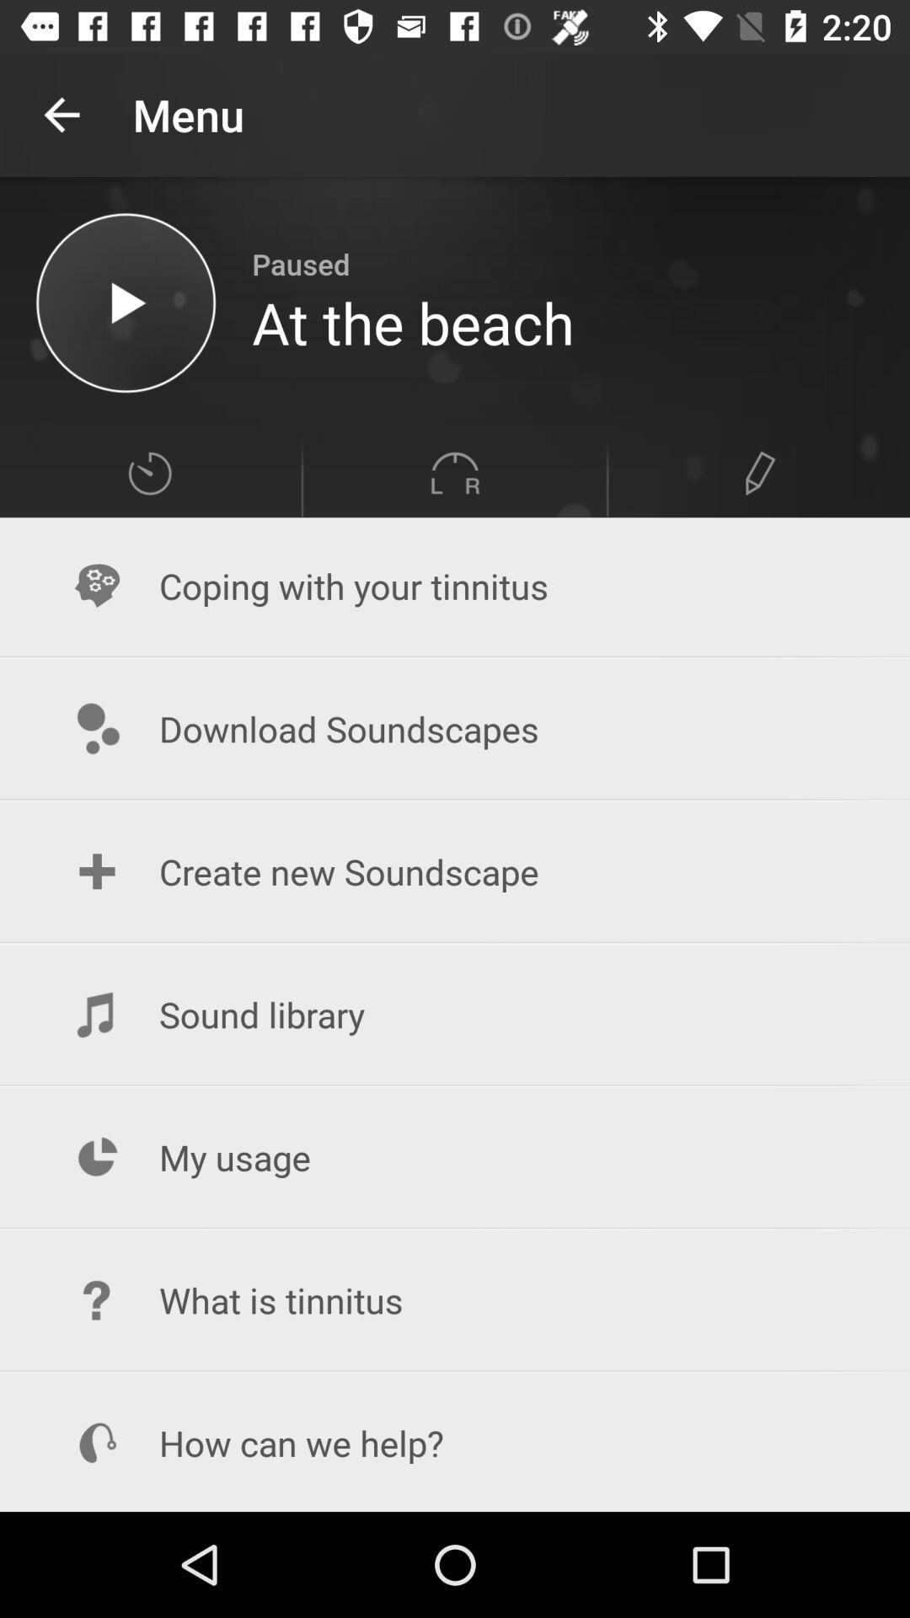 The image size is (910, 1618). Describe the element at coordinates (455, 1014) in the screenshot. I see `item above my usage` at that location.